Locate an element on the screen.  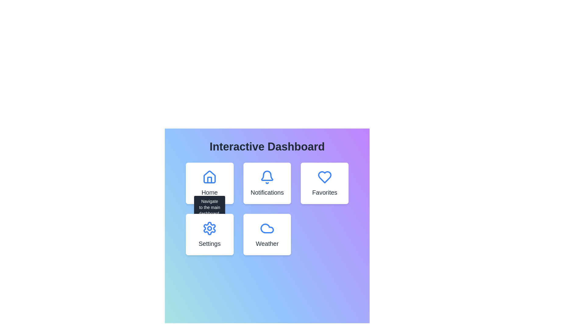
the blue cloud icon located in the 'Weather' card at the bottom-right corner of the dashboard is located at coordinates (267, 228).